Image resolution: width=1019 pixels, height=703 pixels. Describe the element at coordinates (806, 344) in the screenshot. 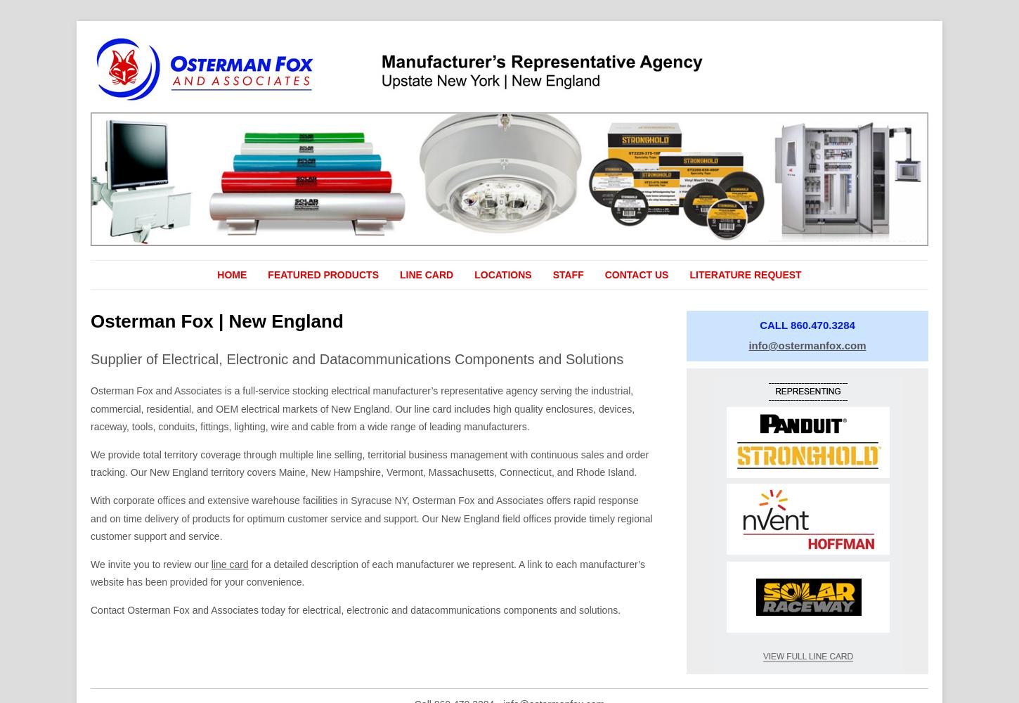

I see `'info@ostermanfox.com'` at that location.